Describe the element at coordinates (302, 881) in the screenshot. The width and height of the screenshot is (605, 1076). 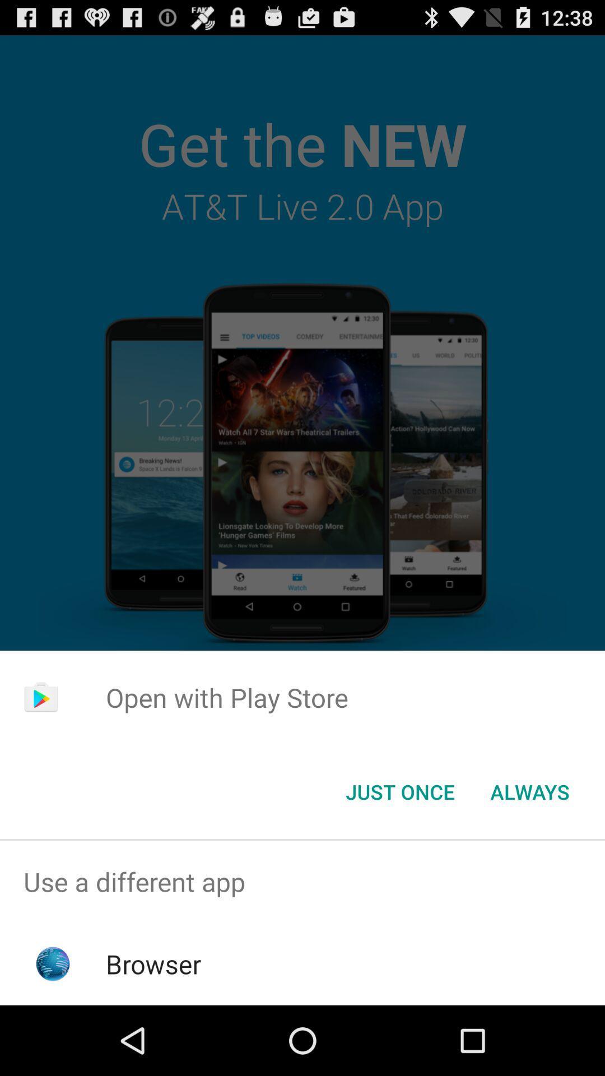
I see `the icon above browser item` at that location.